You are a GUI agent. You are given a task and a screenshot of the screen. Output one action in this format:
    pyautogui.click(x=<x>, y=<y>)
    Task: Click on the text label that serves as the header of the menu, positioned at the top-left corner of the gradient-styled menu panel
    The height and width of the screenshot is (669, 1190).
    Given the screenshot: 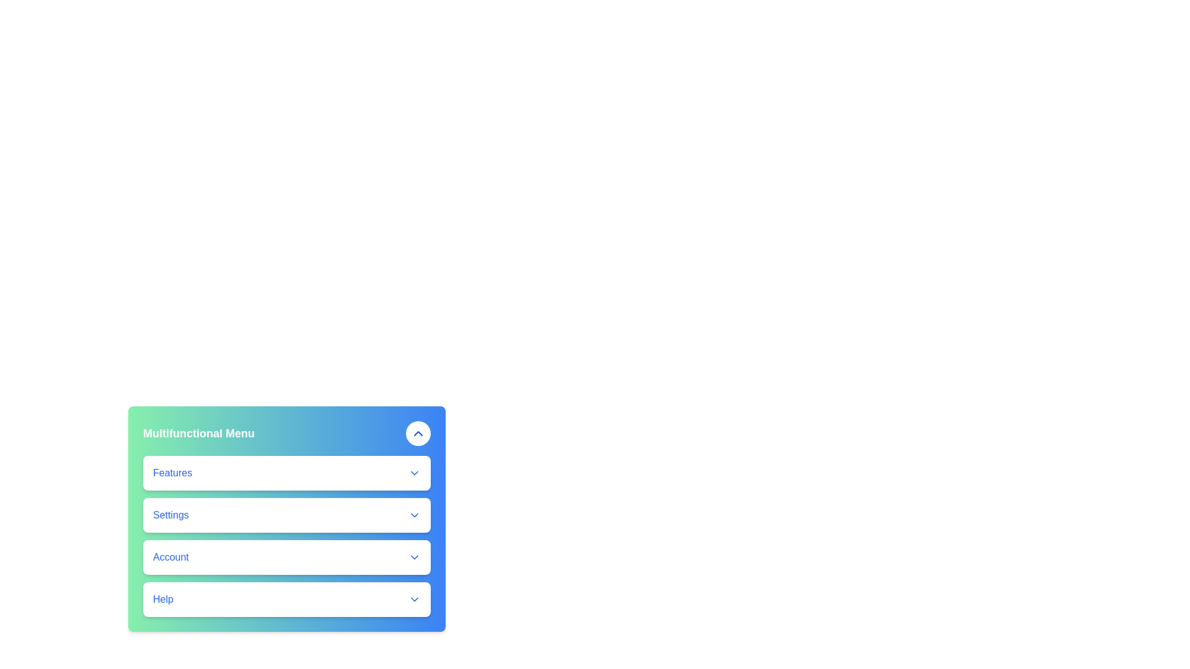 What is the action you would take?
    pyautogui.click(x=199, y=432)
    